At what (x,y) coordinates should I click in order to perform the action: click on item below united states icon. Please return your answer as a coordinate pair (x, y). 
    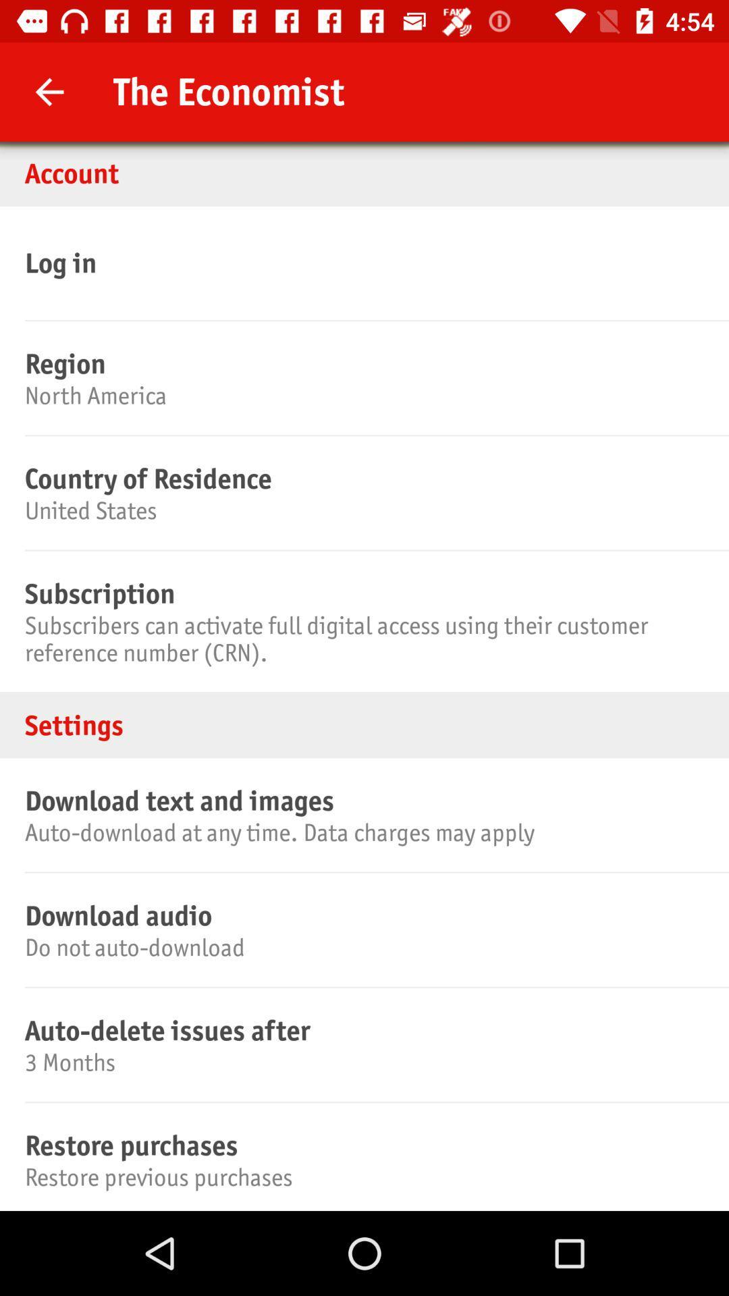
    Looking at the image, I should click on (362, 593).